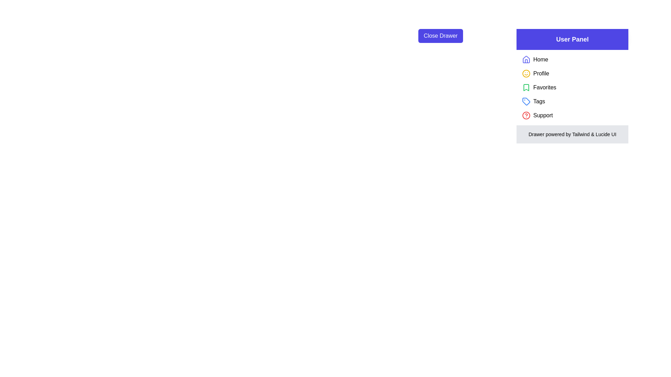  I want to click on the menu item Tags in the drawer, so click(539, 101).